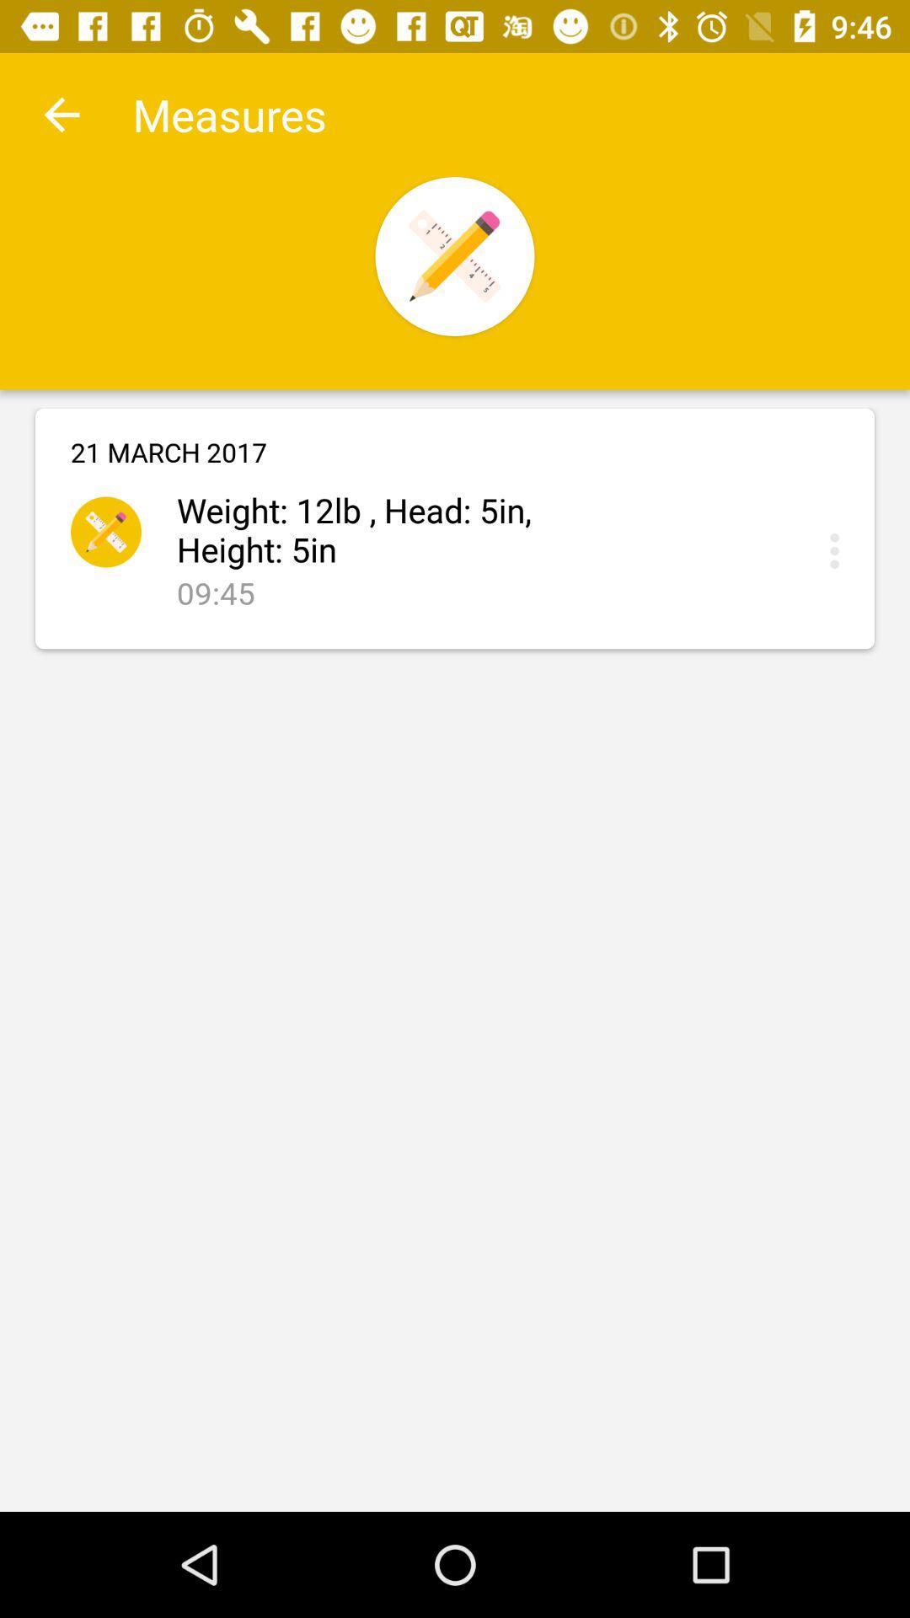  I want to click on edit, so click(838, 550).